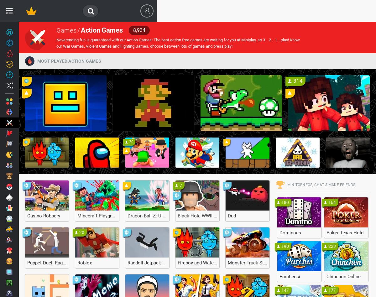 This screenshot has height=297, width=376. I want to click on 'Black Hole WWII.io', so click(197, 216).